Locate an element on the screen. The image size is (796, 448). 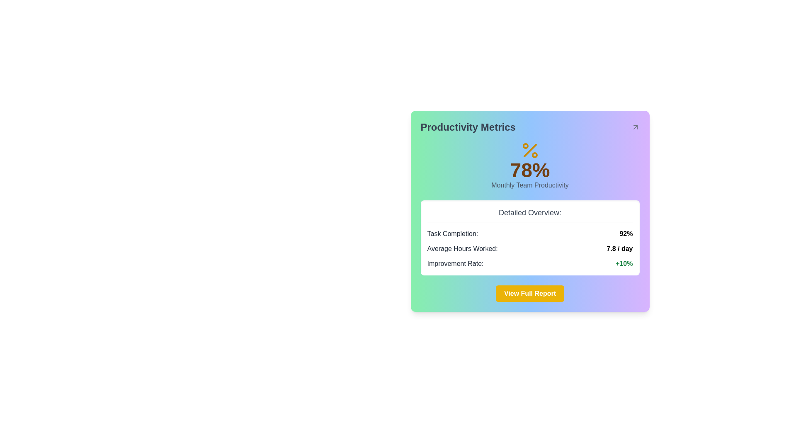
the static text displaying the quantitative productivity value, which is centrally aligned between a percentage icon above and the text 'Monthly Team Productivity' below is located at coordinates (529, 170).